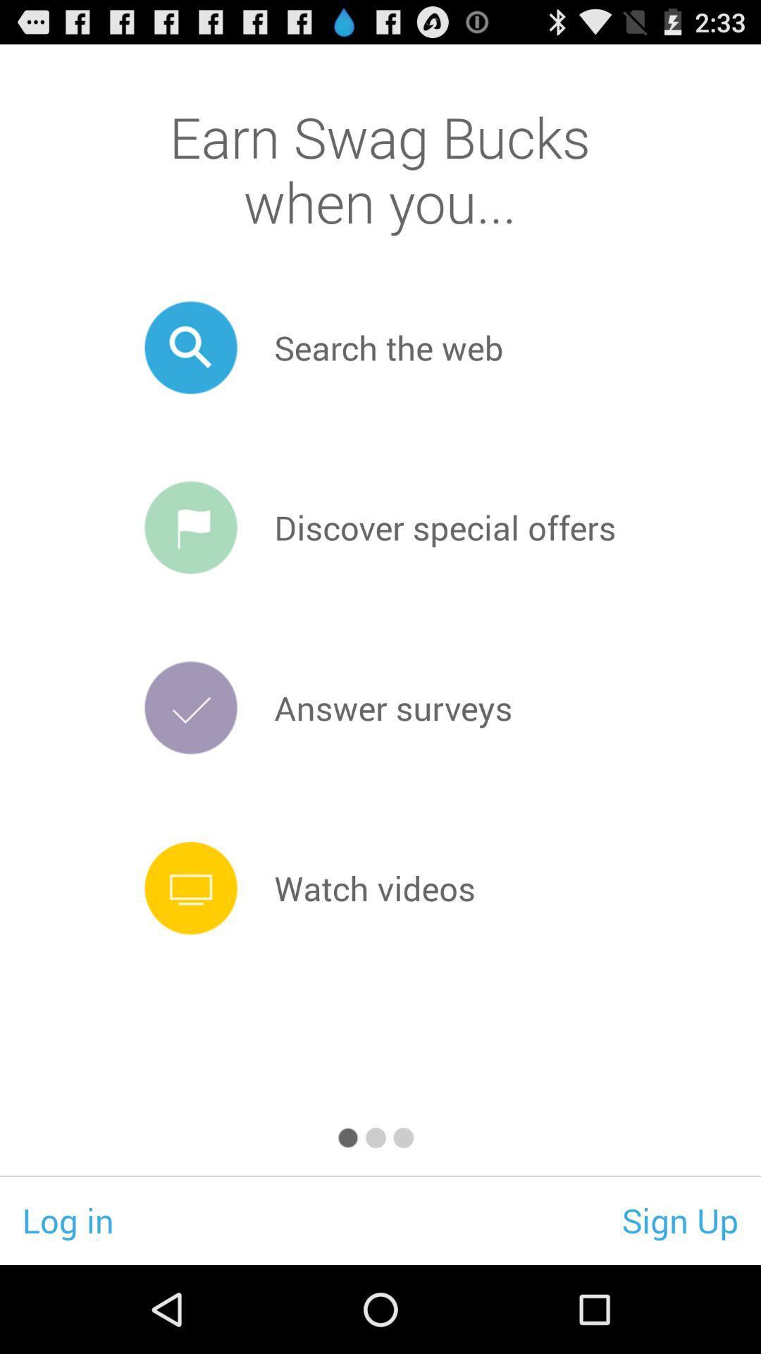 The height and width of the screenshot is (1354, 761). I want to click on the app at the bottom right corner, so click(679, 1219).